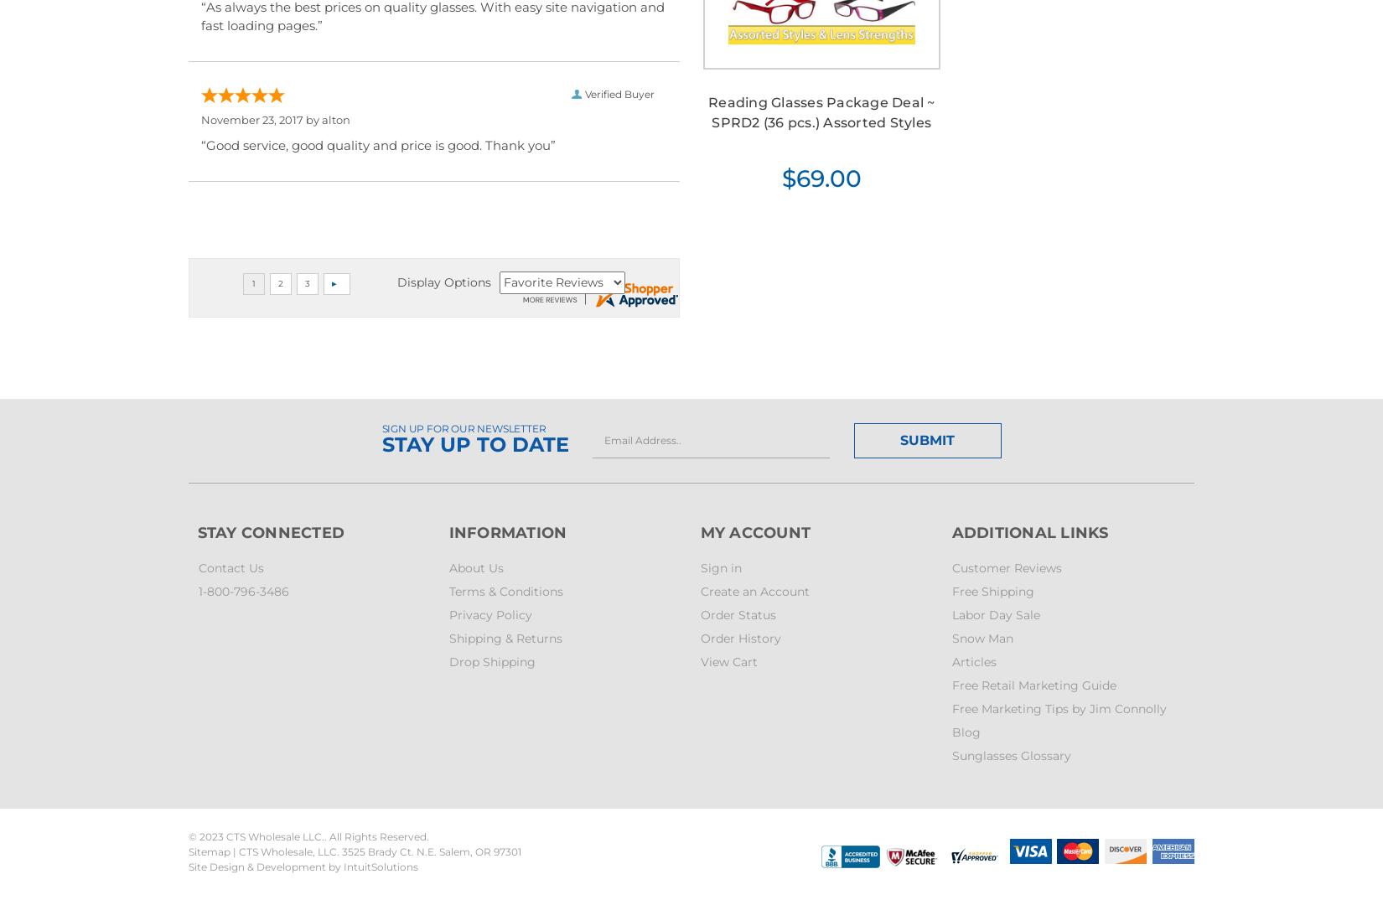 The width and height of the screenshot is (1383, 900). What do you see at coordinates (211, 835) in the screenshot?
I see `'2023'` at bounding box center [211, 835].